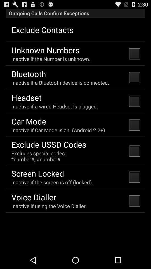  Describe the element at coordinates (134, 101) in the screenshot. I see `the checkbox to the right of headset` at that location.